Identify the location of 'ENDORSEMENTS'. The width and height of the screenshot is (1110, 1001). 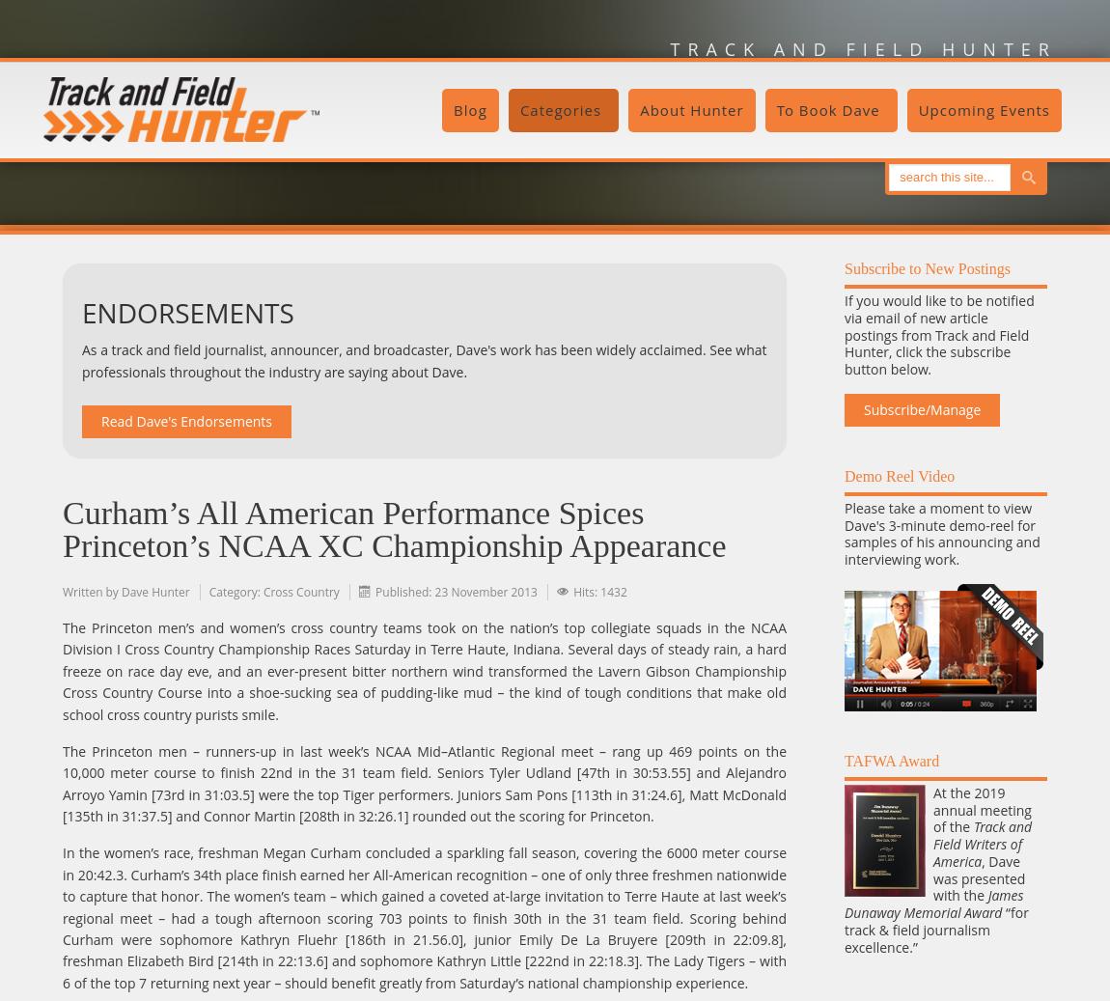
(186, 311).